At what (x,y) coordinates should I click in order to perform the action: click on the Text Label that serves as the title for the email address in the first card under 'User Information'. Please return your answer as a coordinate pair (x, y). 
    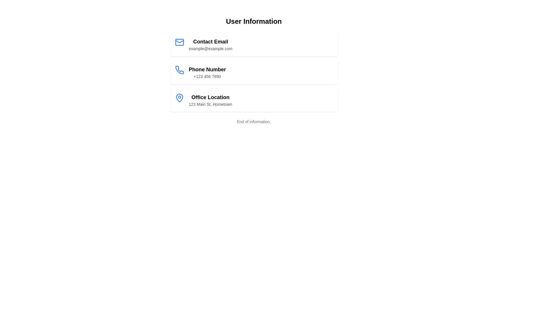
    Looking at the image, I should click on (210, 41).